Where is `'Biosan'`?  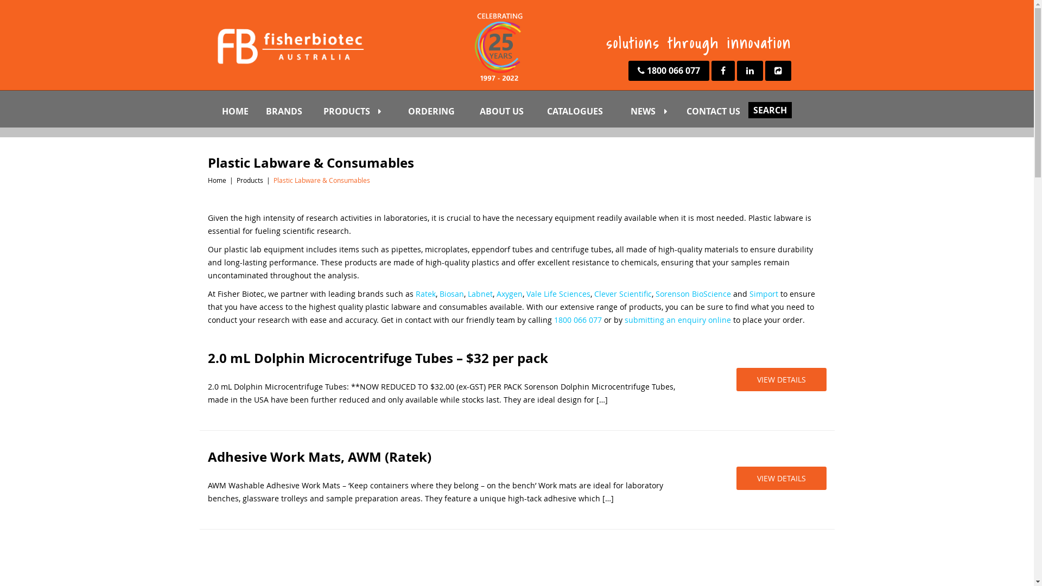
'Biosan' is located at coordinates (440, 294).